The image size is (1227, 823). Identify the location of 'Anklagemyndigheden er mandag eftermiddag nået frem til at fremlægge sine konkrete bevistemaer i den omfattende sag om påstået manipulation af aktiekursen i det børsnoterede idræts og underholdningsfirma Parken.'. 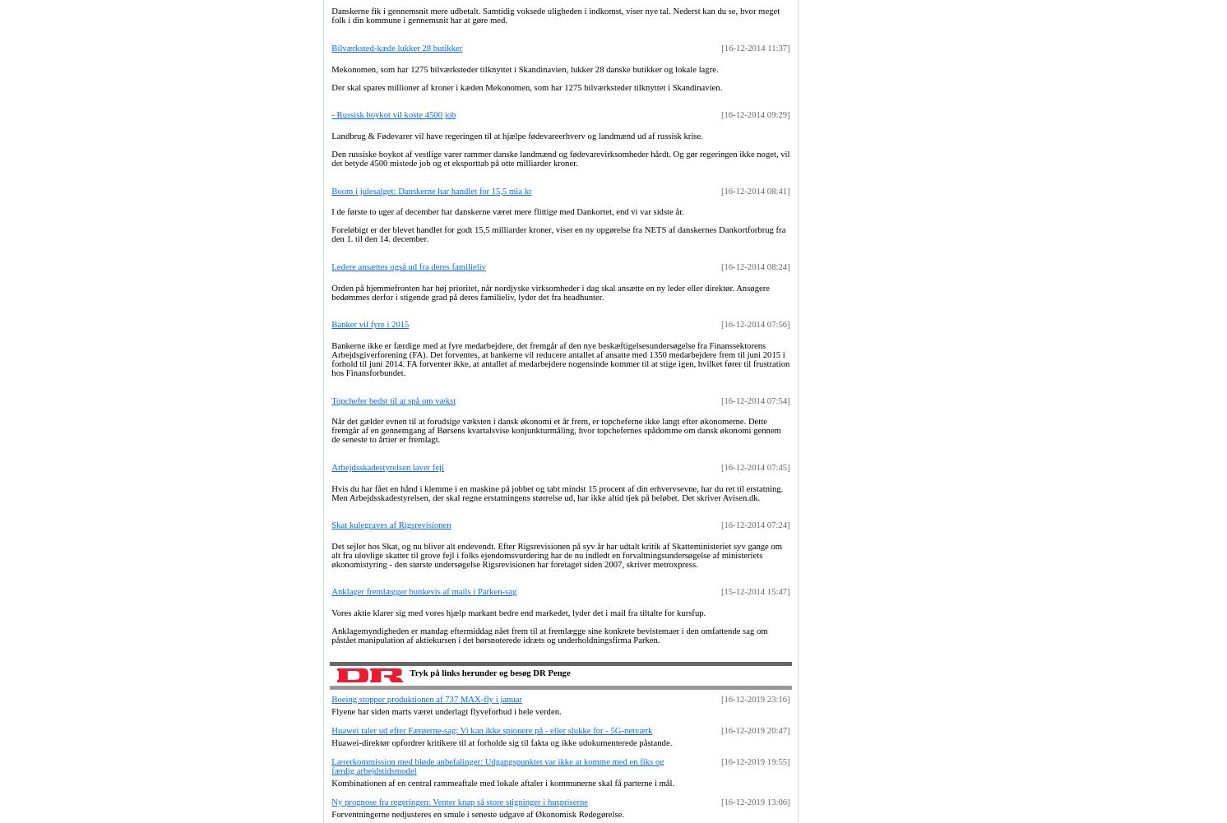
(549, 635).